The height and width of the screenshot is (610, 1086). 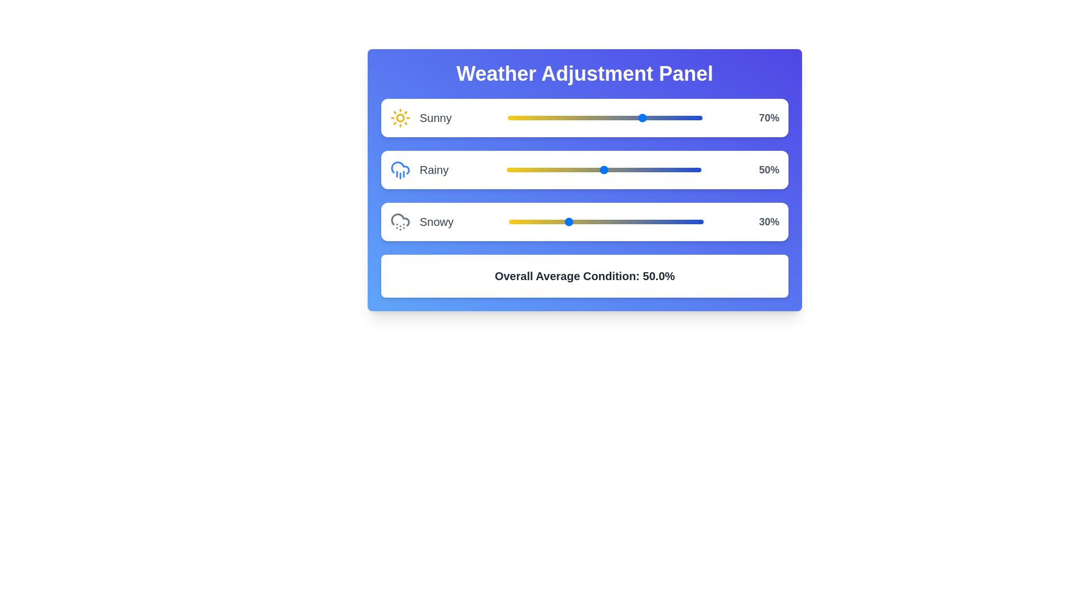 What do you see at coordinates (435, 117) in the screenshot?
I see `displayed text indicating the weather condition, which is labeled as 'Sunny', located at the top of the weather interface to the right of the sun-shaped icon` at bounding box center [435, 117].